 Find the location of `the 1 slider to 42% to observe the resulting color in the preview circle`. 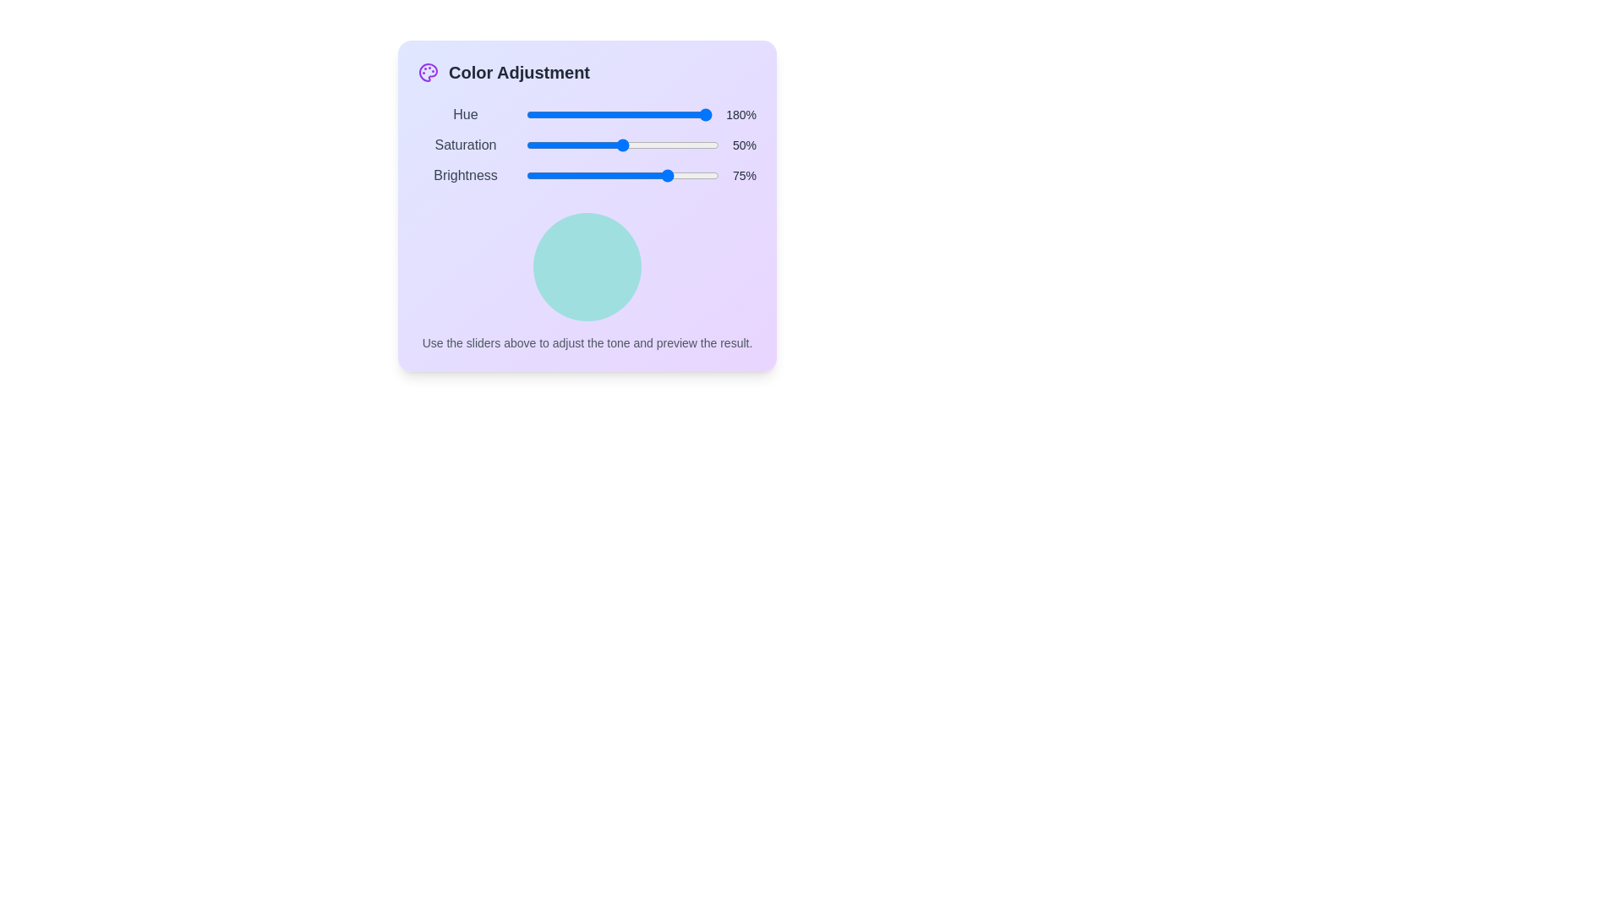

the 1 slider to 42% to observe the resulting color in the preview circle is located at coordinates (604, 145).